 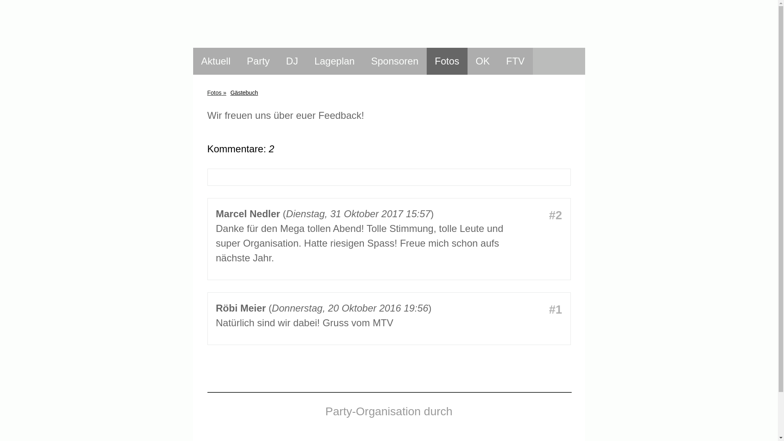 What do you see at coordinates (446, 61) in the screenshot?
I see `'Fotos'` at bounding box center [446, 61].